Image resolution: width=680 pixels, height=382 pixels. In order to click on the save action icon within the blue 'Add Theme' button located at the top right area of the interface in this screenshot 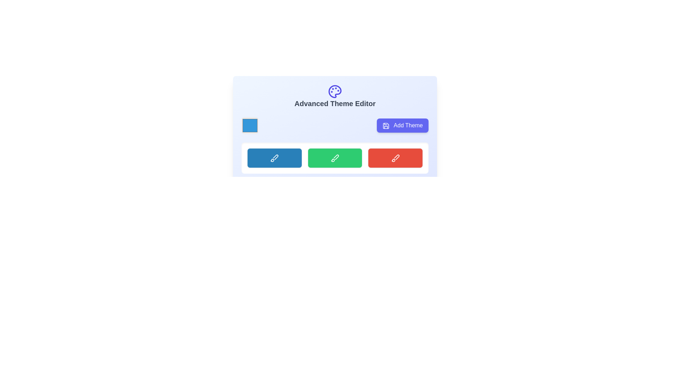, I will do `click(385, 125)`.